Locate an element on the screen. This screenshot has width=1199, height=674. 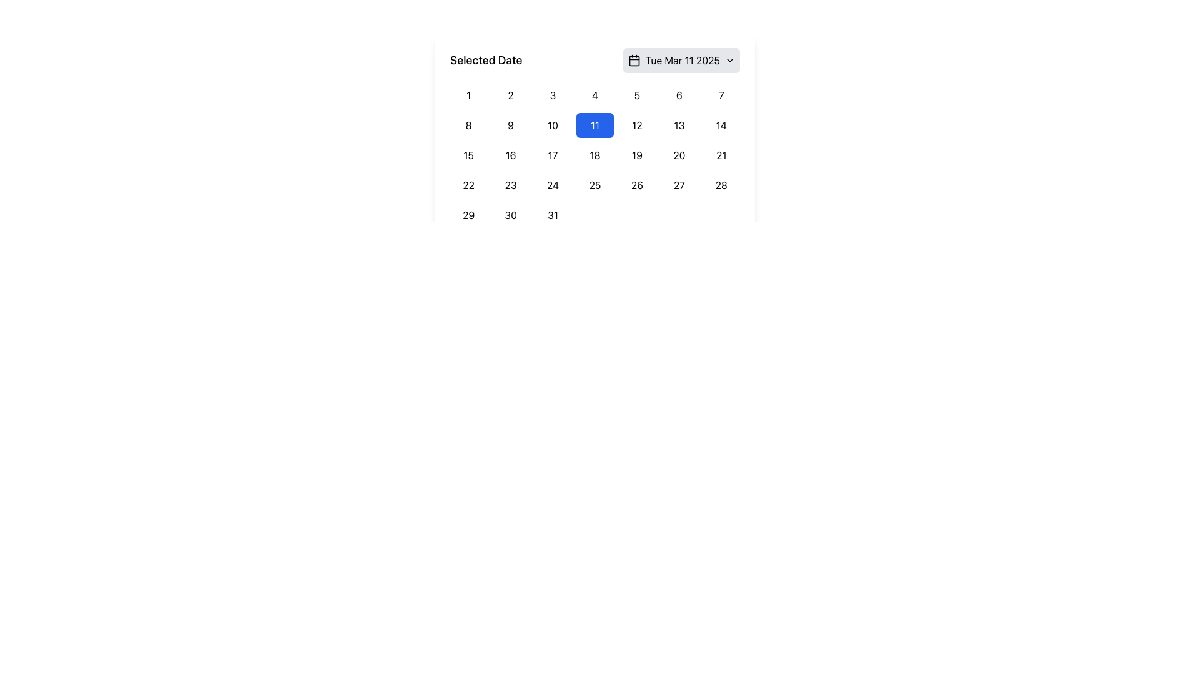
the button representing the date '10' on the calendar interface is located at coordinates (552, 125).